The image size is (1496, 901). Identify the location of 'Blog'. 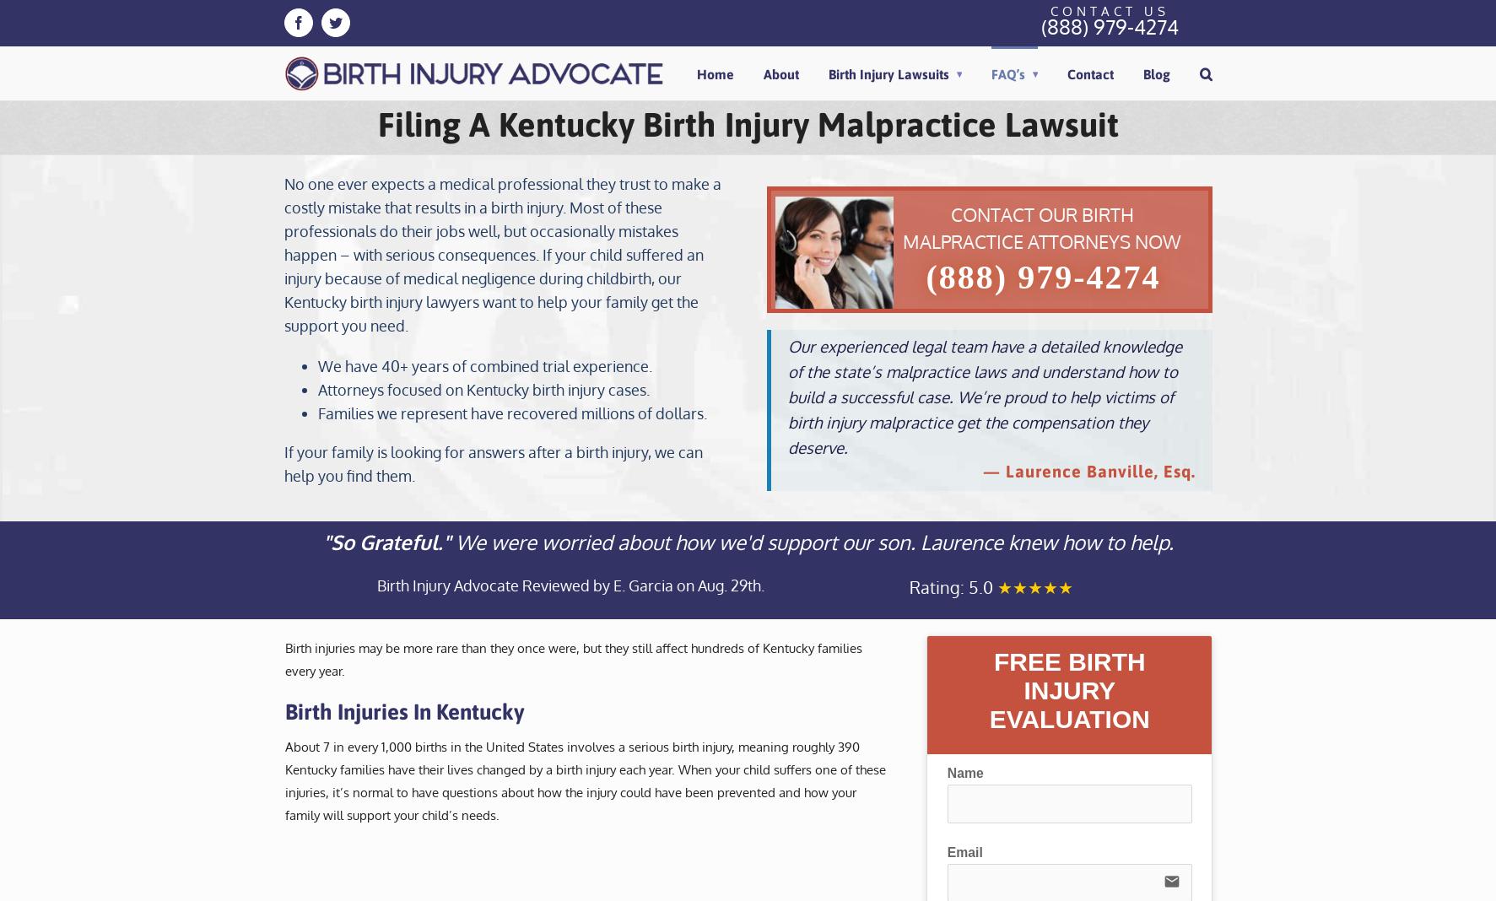
(1142, 73).